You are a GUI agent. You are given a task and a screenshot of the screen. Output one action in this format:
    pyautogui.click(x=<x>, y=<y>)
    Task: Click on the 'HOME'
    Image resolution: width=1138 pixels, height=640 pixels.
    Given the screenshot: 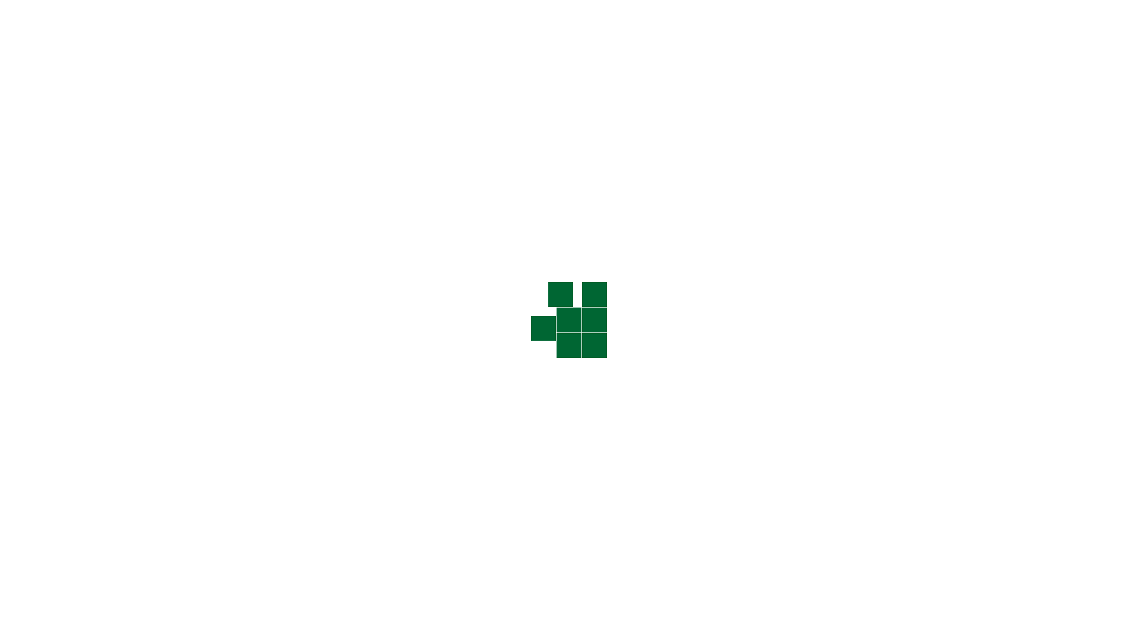 What is the action you would take?
    pyautogui.click(x=436, y=50)
    